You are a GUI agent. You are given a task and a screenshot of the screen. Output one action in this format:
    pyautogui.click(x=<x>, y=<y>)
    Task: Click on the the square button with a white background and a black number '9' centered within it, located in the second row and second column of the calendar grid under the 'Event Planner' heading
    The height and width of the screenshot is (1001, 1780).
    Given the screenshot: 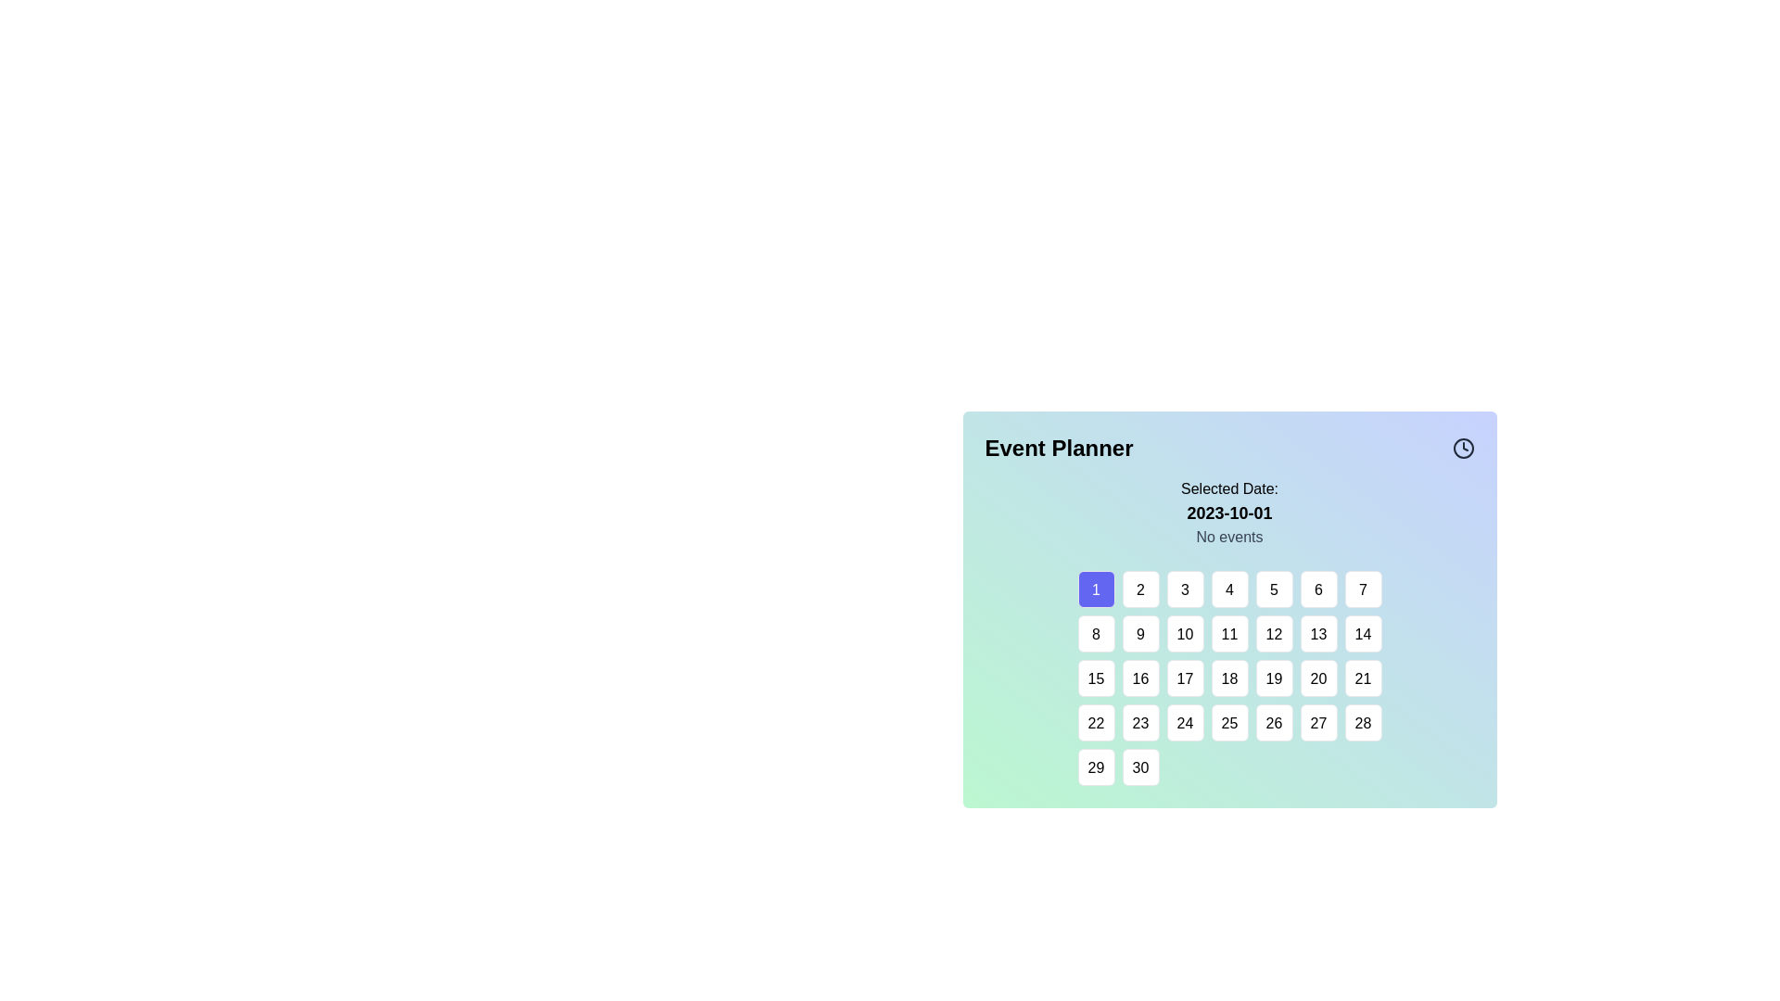 What is the action you would take?
    pyautogui.click(x=1139, y=632)
    